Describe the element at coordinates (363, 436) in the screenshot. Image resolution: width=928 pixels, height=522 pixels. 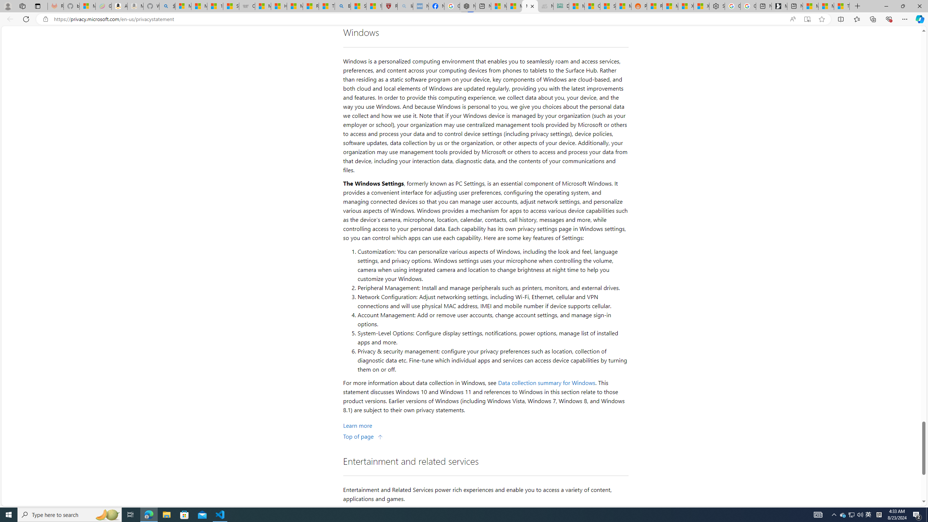
I see `'Top of page'` at that location.